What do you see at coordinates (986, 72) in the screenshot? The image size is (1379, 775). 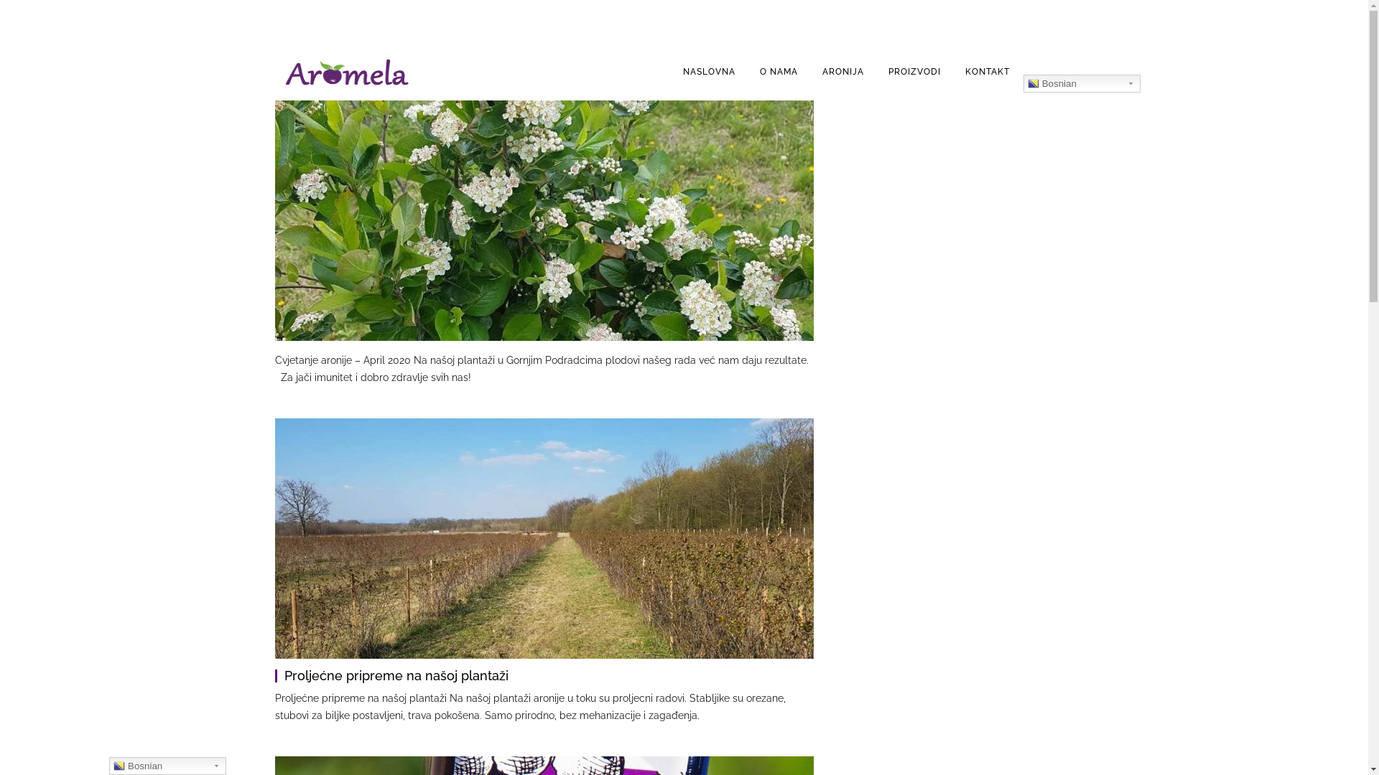 I see `'KONTAKT'` at bounding box center [986, 72].